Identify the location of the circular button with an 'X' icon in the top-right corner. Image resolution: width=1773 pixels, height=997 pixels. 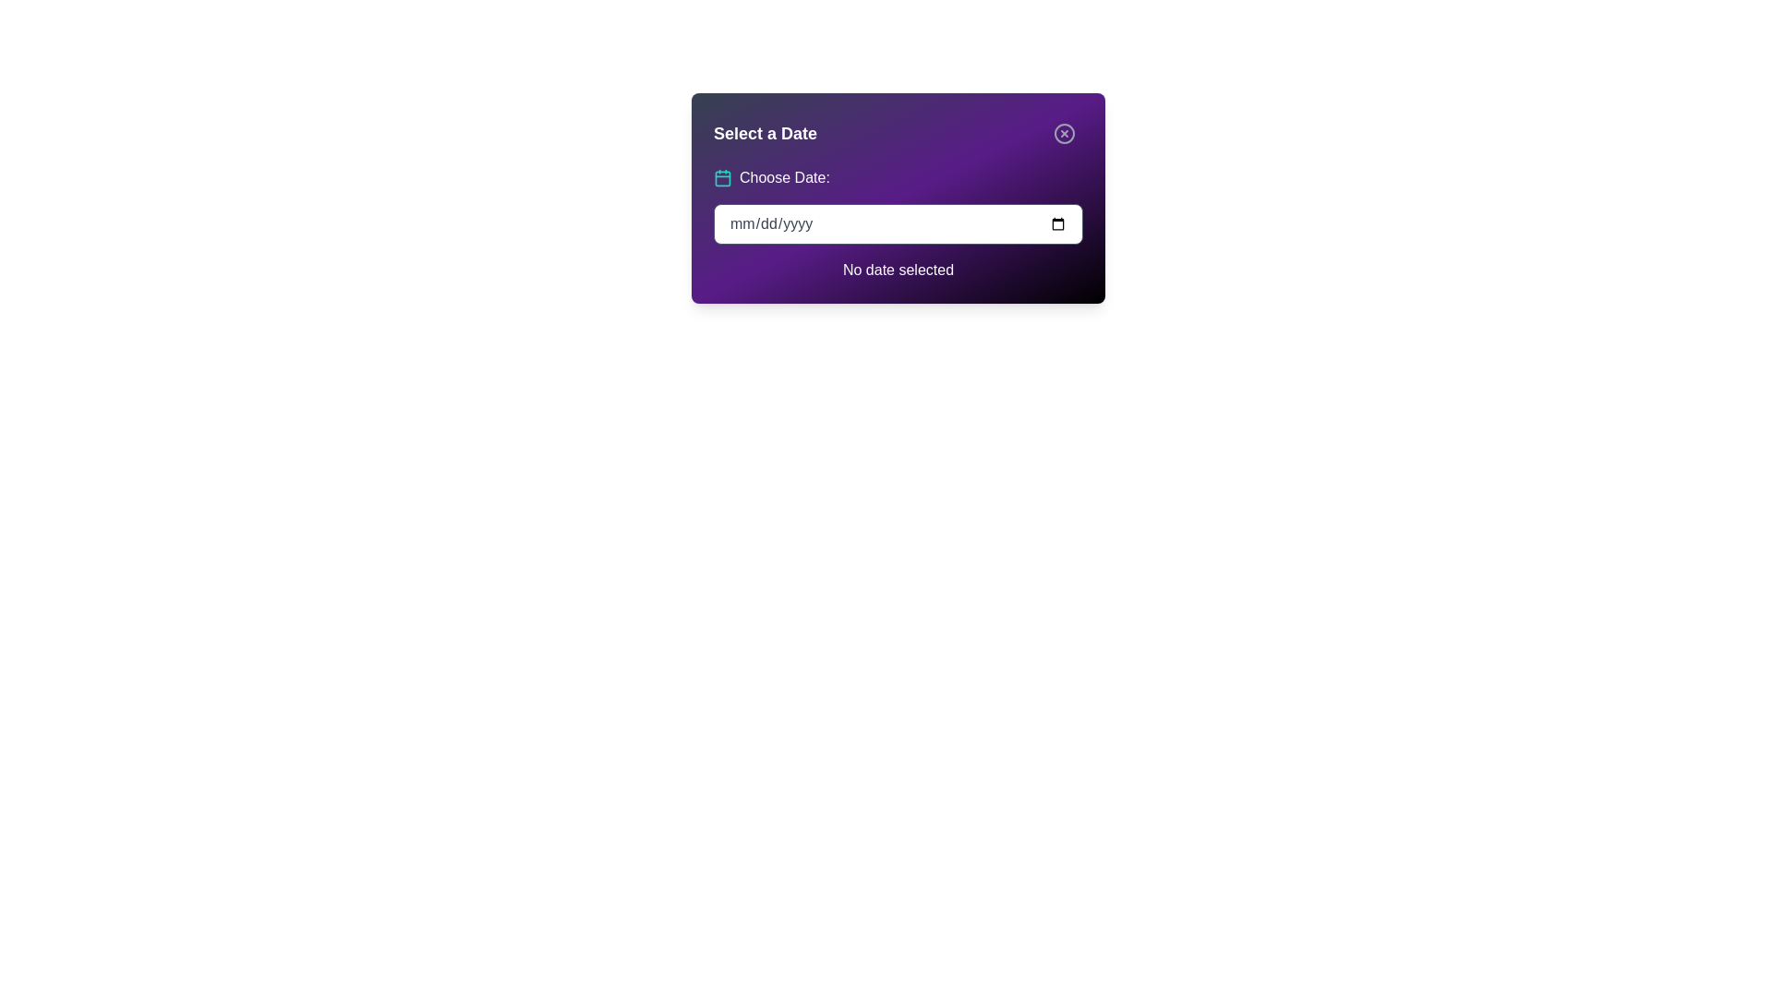
(1064, 133).